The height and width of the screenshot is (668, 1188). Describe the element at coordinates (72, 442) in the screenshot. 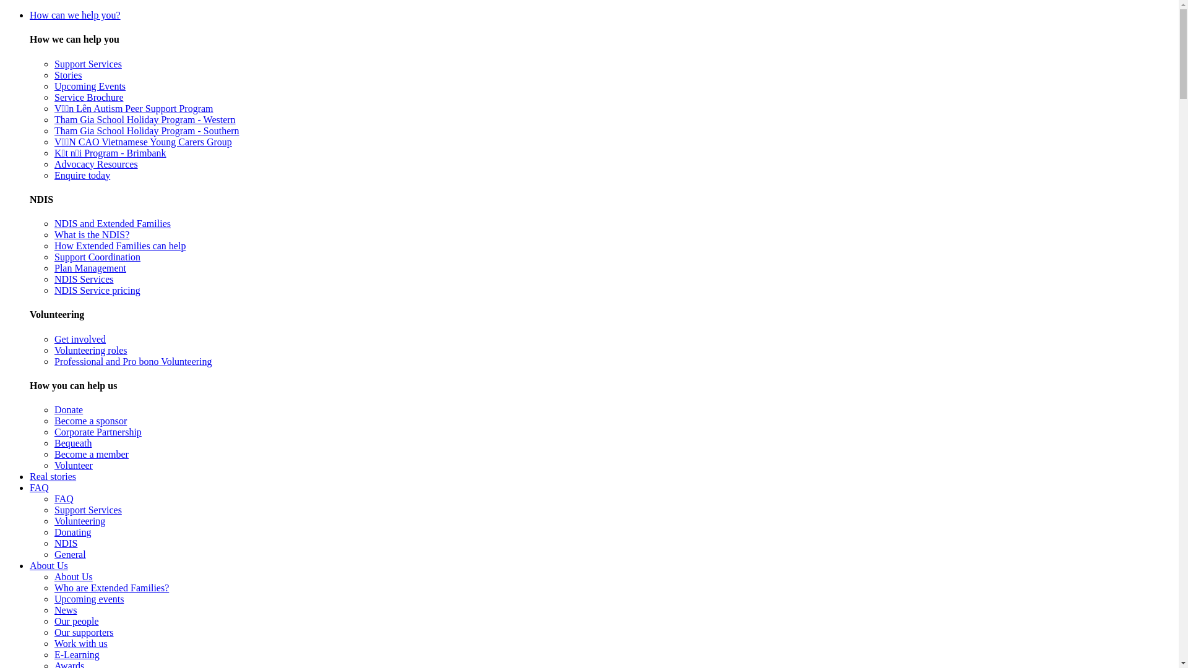

I see `'Bequeath'` at that location.